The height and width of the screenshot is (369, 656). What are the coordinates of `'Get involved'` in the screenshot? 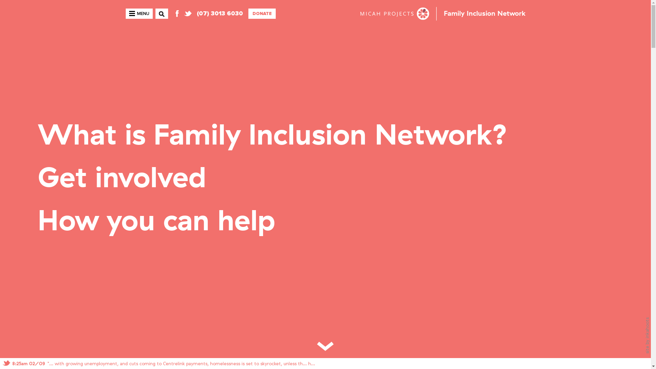 It's located at (122, 178).